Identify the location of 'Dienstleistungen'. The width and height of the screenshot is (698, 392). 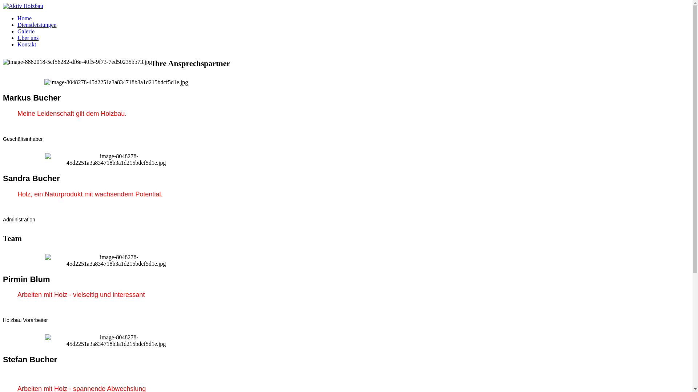
(36, 24).